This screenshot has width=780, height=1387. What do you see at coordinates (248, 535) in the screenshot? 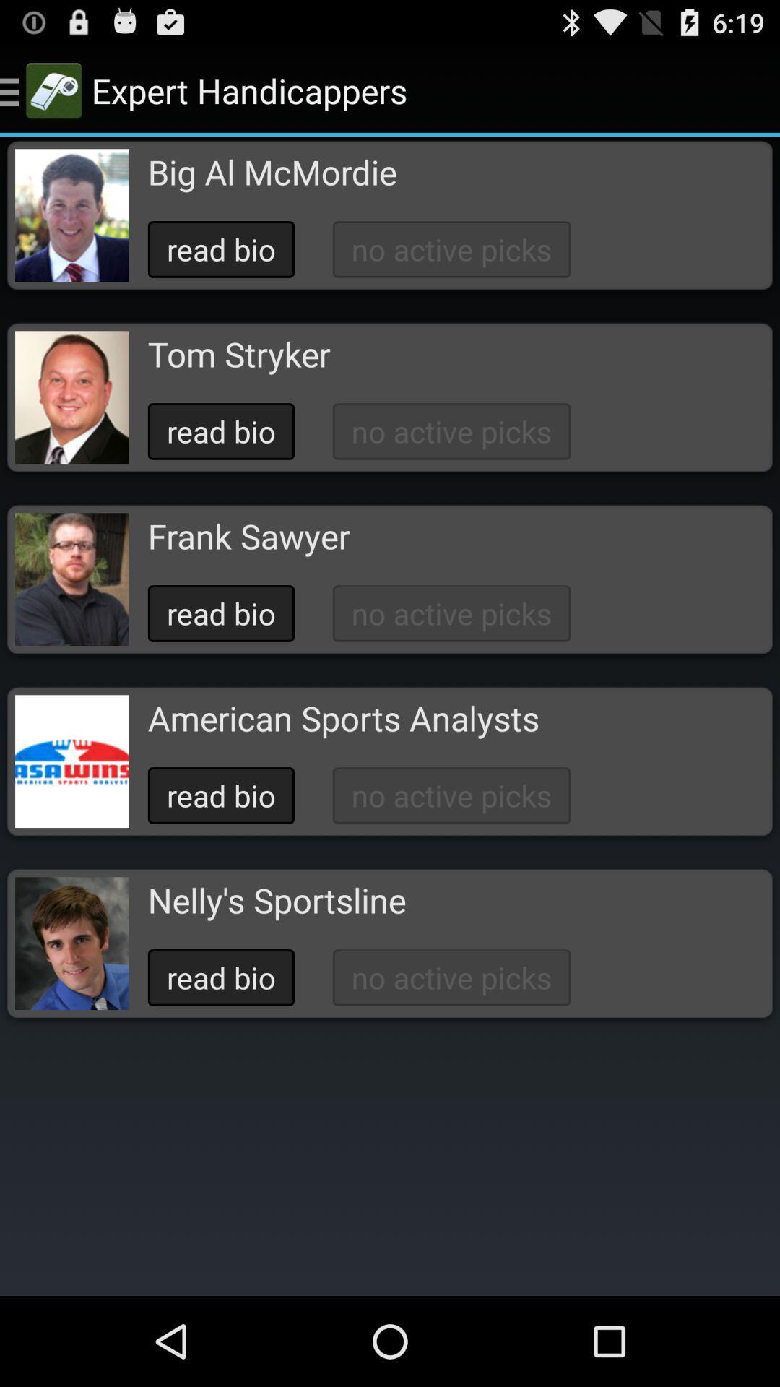
I see `the button above the read bio icon` at bounding box center [248, 535].